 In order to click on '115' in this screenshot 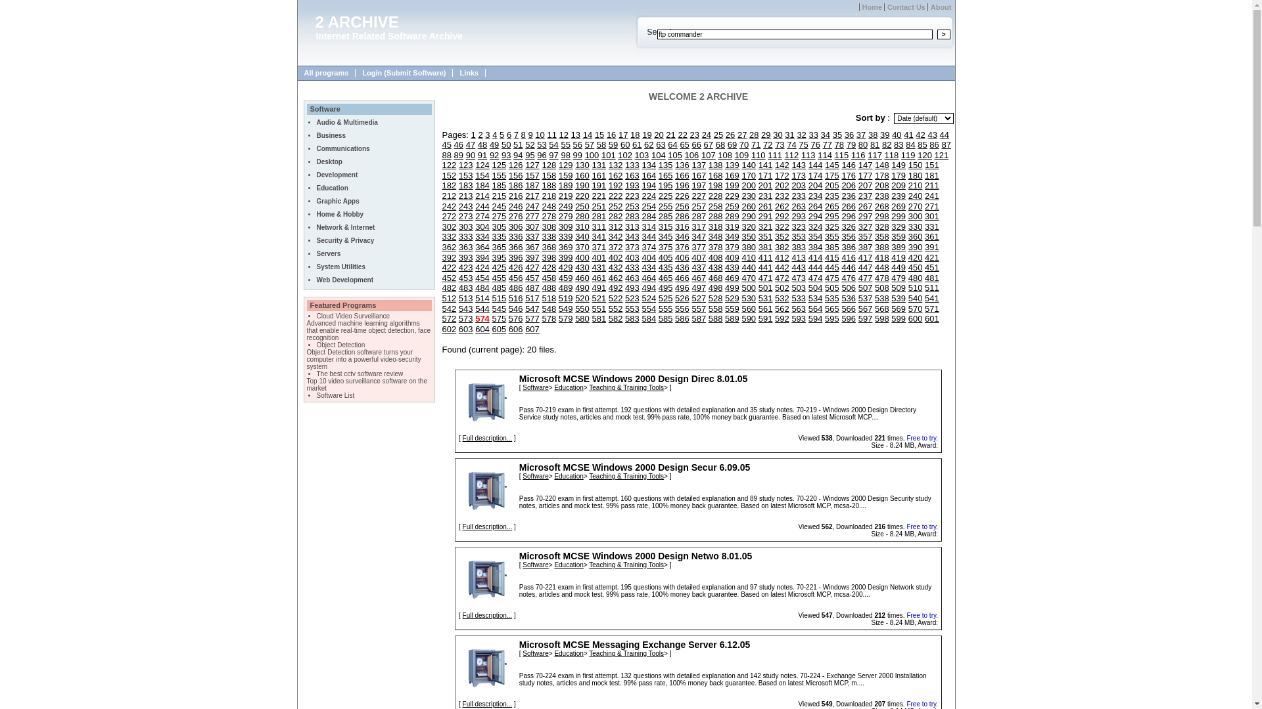, I will do `click(842, 154)`.